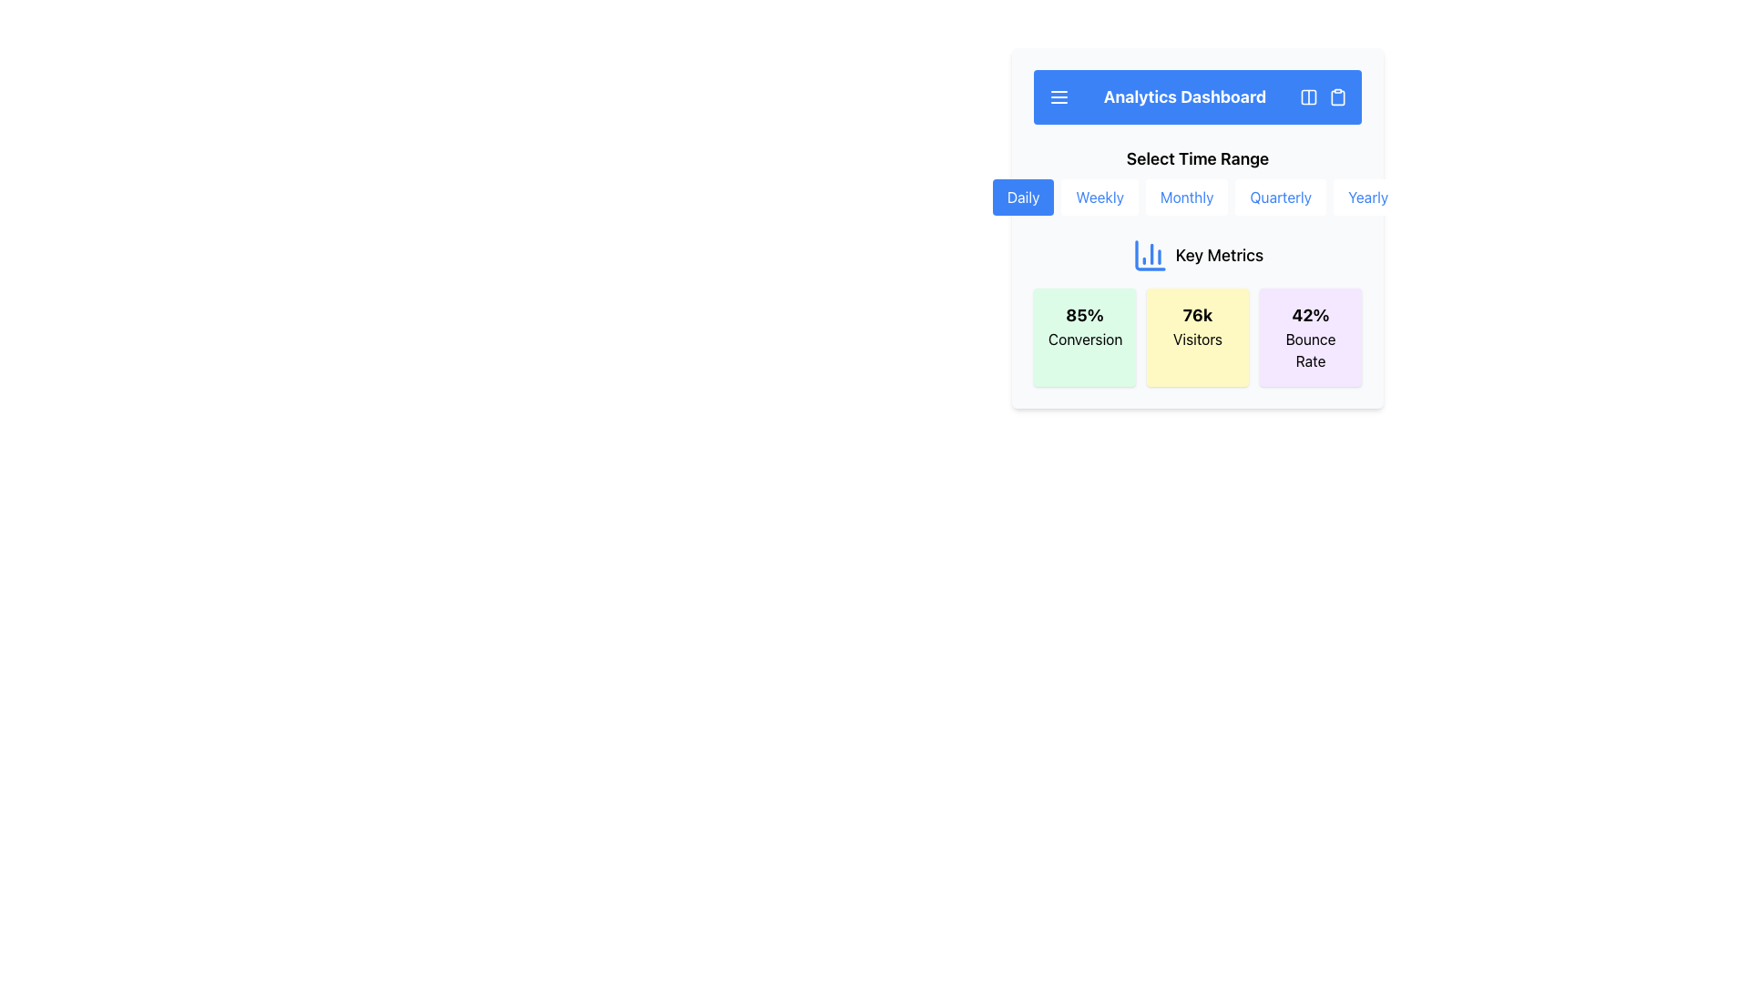 The image size is (1749, 983). What do you see at coordinates (1023, 197) in the screenshot?
I see `the 'Daily' button, which is the first button in a horizontal stack of five buttons for filtering metrics` at bounding box center [1023, 197].